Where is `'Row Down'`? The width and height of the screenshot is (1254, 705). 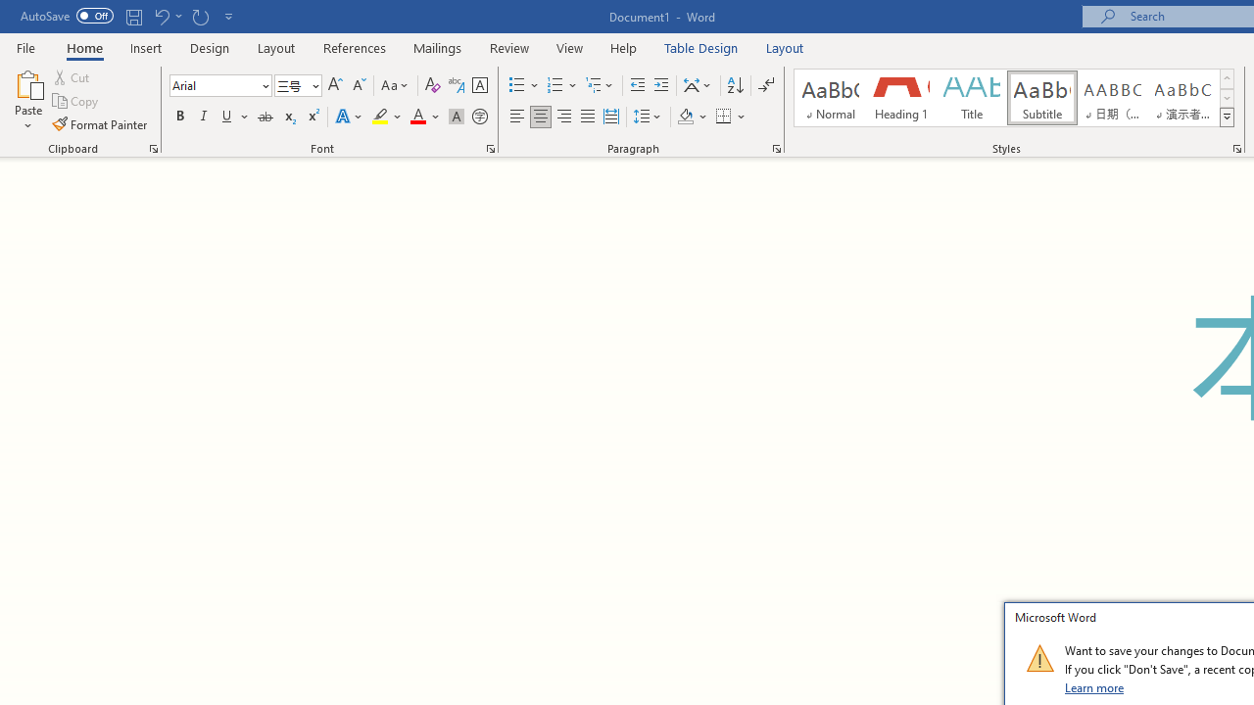 'Row Down' is located at coordinates (1226, 98).